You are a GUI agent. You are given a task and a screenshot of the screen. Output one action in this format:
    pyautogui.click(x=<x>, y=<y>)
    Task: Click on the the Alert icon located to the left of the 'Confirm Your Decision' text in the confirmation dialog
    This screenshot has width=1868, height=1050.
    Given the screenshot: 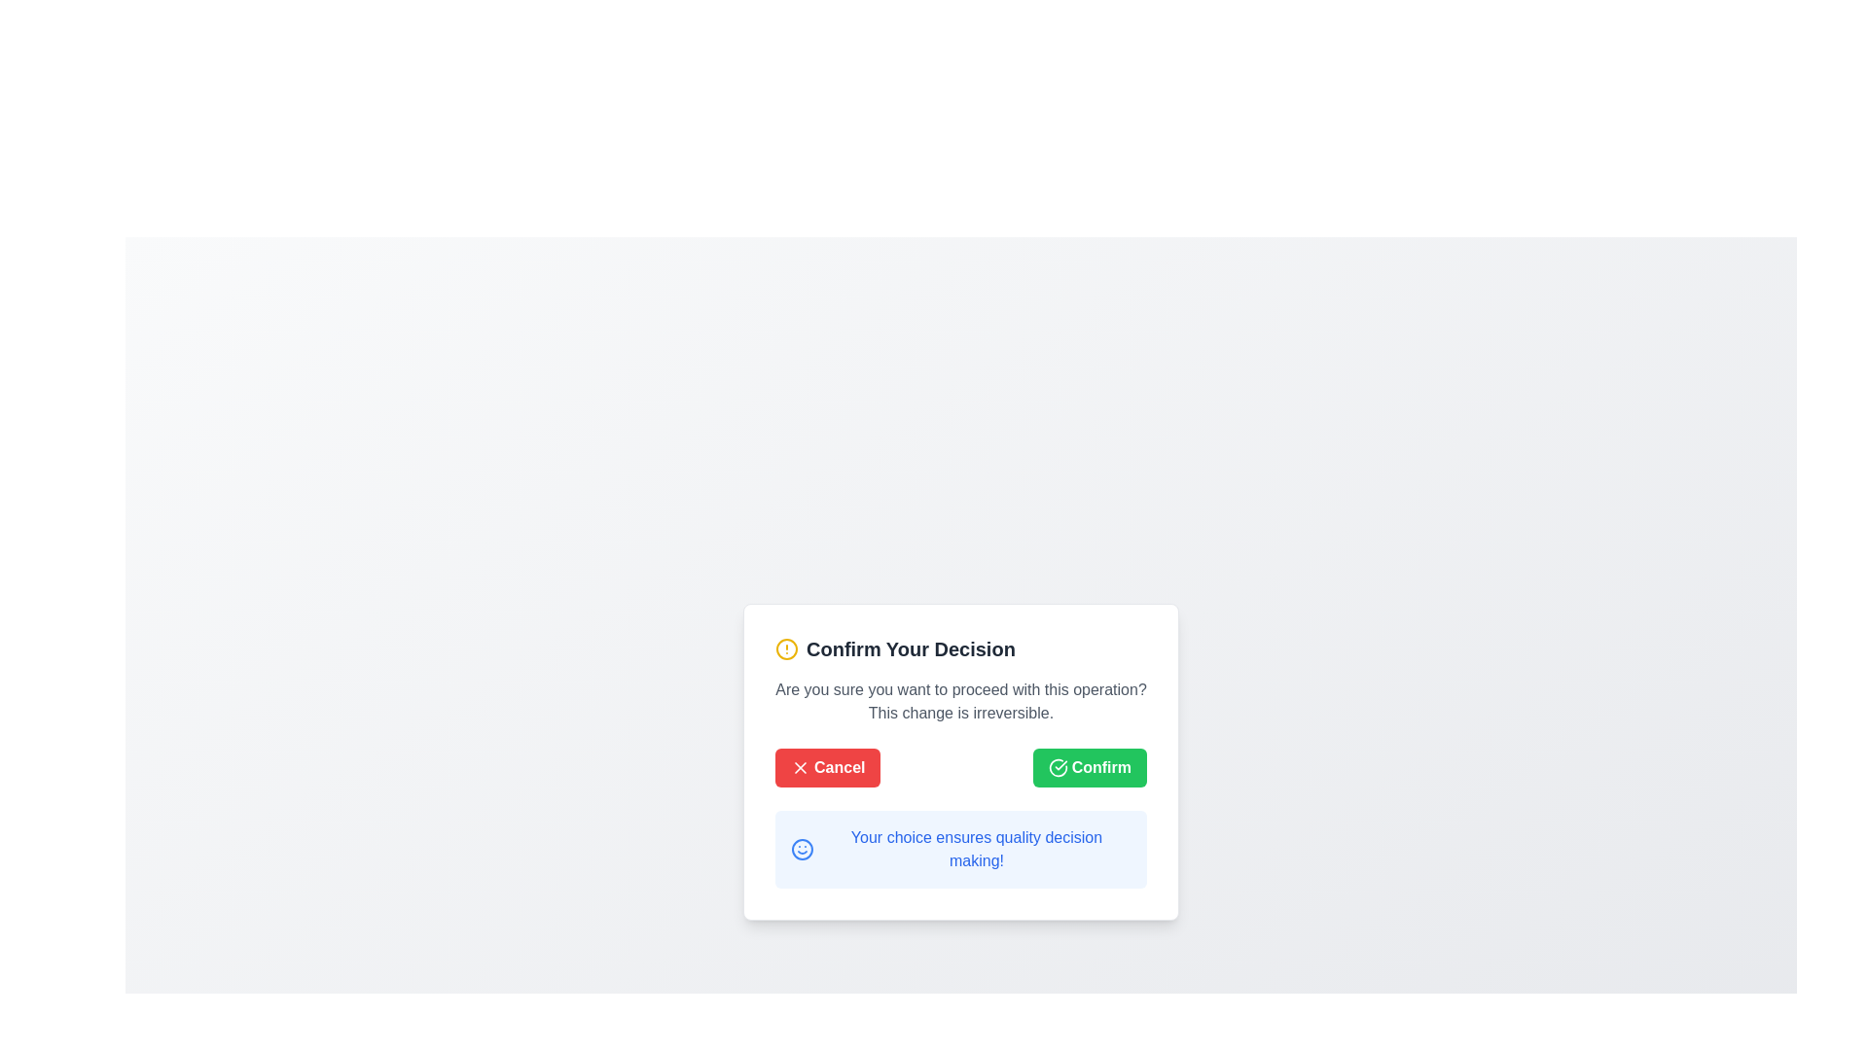 What is the action you would take?
    pyautogui.click(x=787, y=648)
    